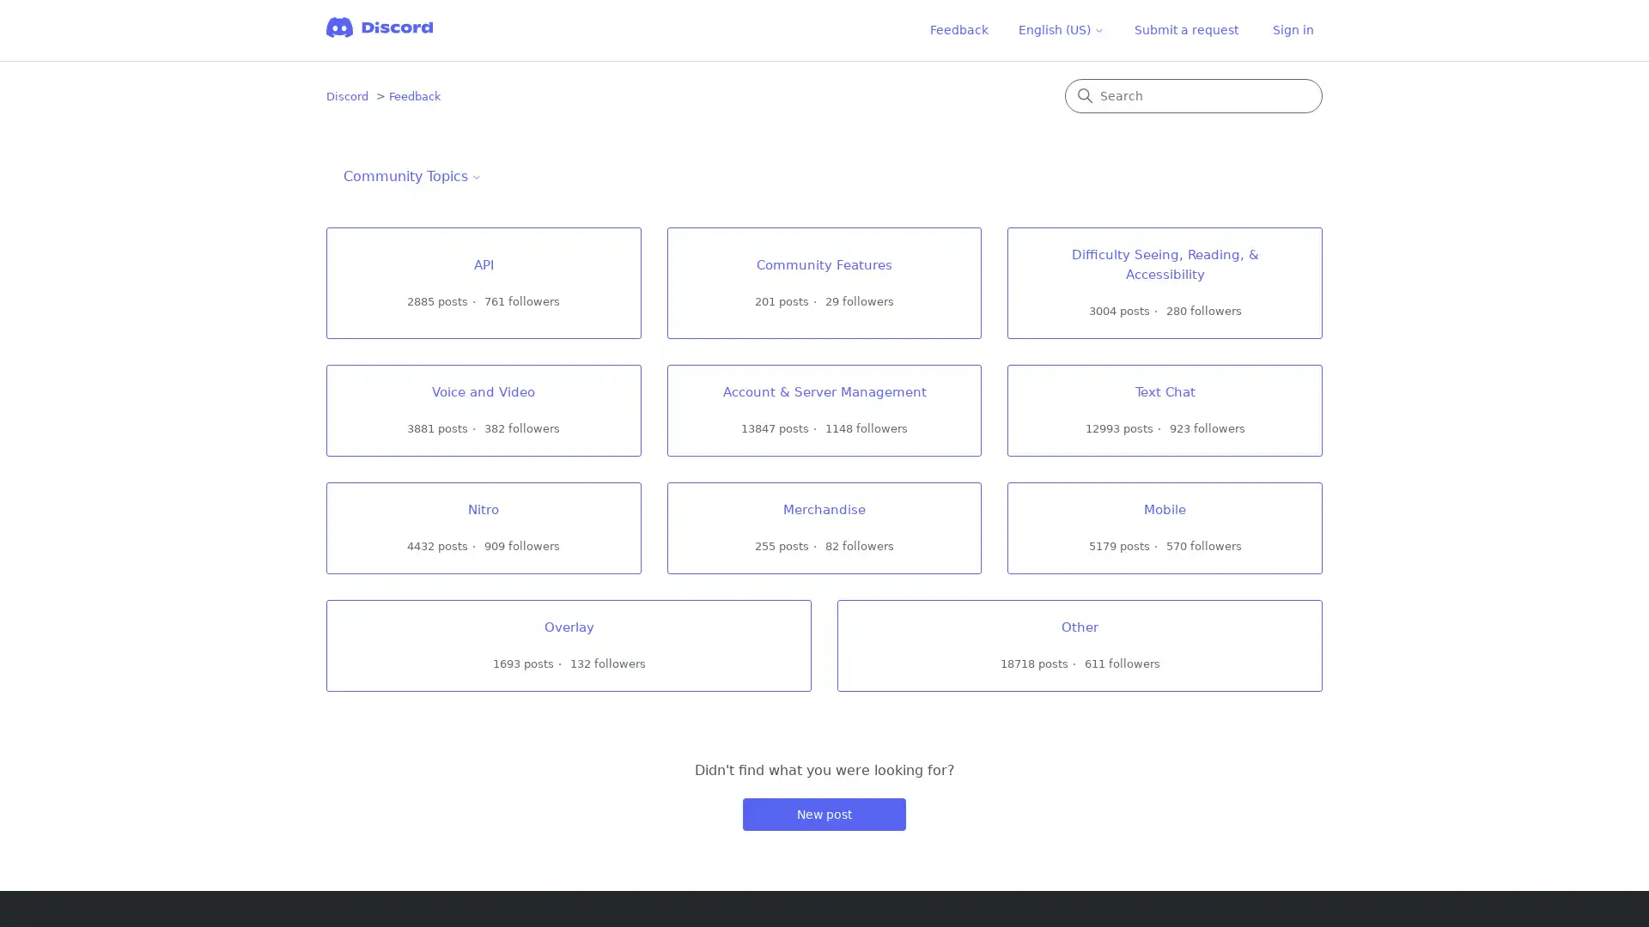 This screenshot has height=927, width=1649. What do you see at coordinates (1293, 30) in the screenshot?
I see `Sign in` at bounding box center [1293, 30].